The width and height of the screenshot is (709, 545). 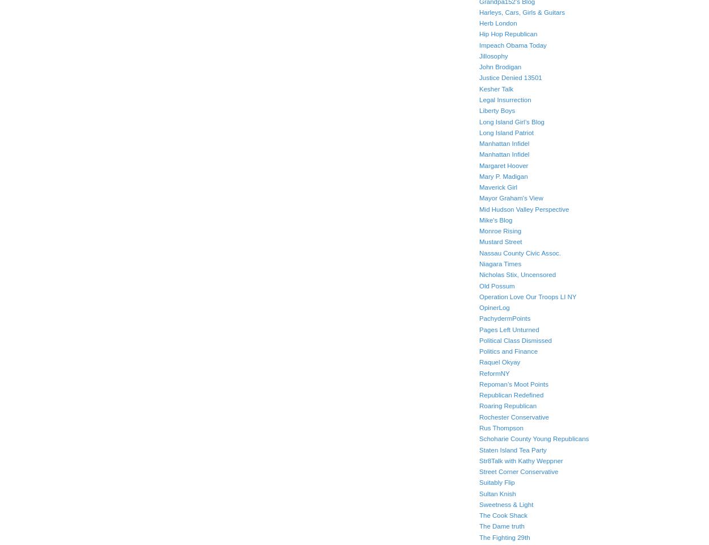 What do you see at coordinates (497, 110) in the screenshot?
I see `'Liberty Boys'` at bounding box center [497, 110].